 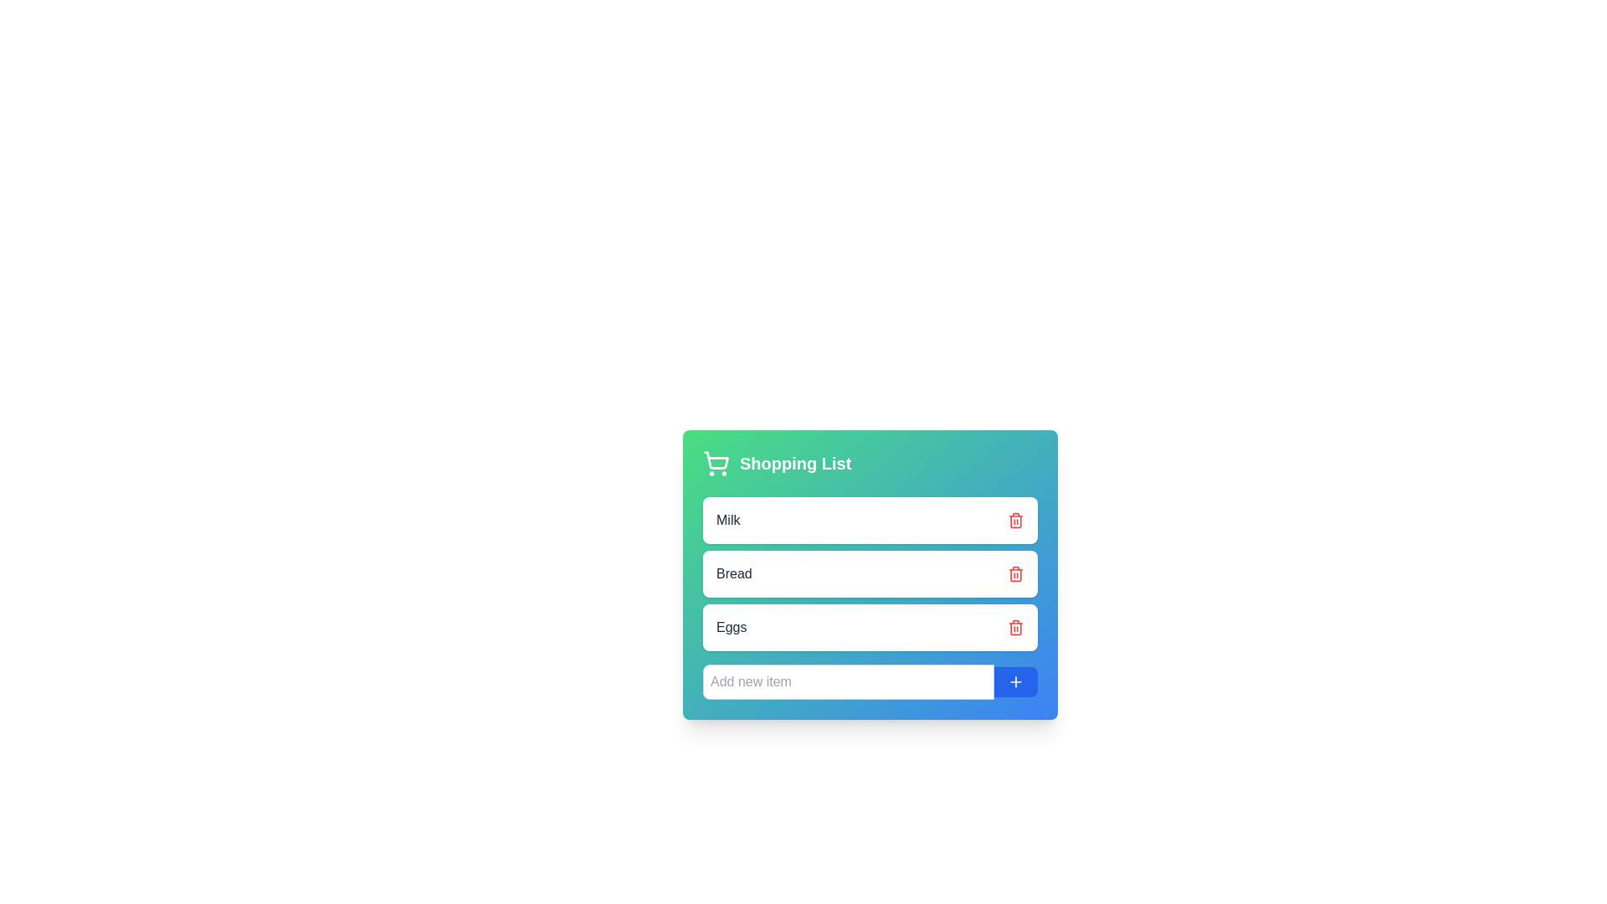 I want to click on the 'Delete' button located on the far right side of the 'Milk' entry in the list, so click(x=1015, y=519).